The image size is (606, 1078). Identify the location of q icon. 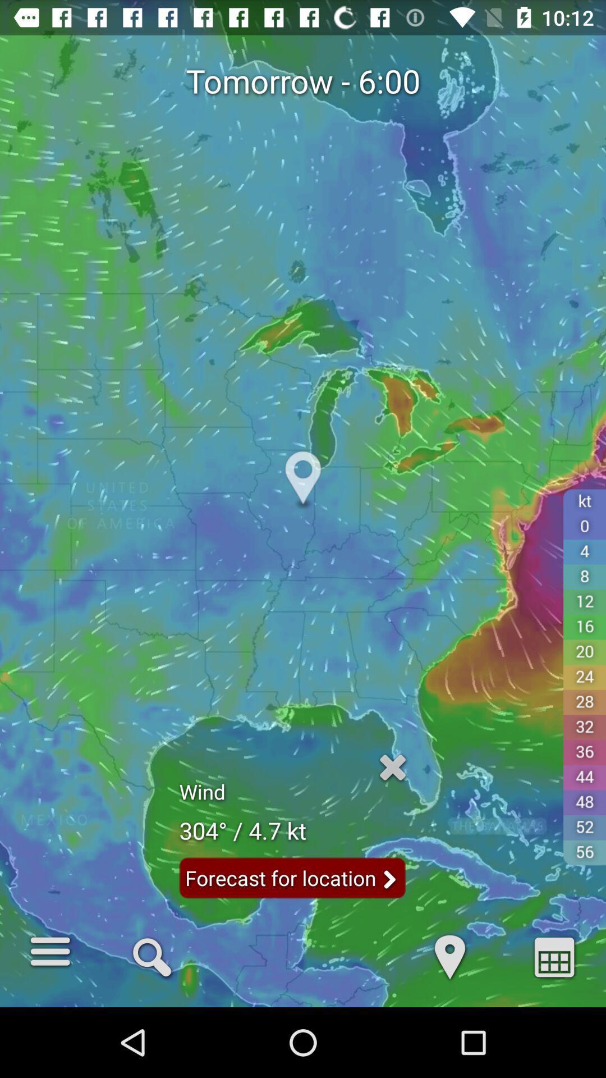
(152, 956).